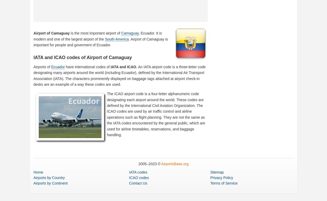  What do you see at coordinates (223, 183) in the screenshot?
I see `'Terms of Service'` at bounding box center [223, 183].